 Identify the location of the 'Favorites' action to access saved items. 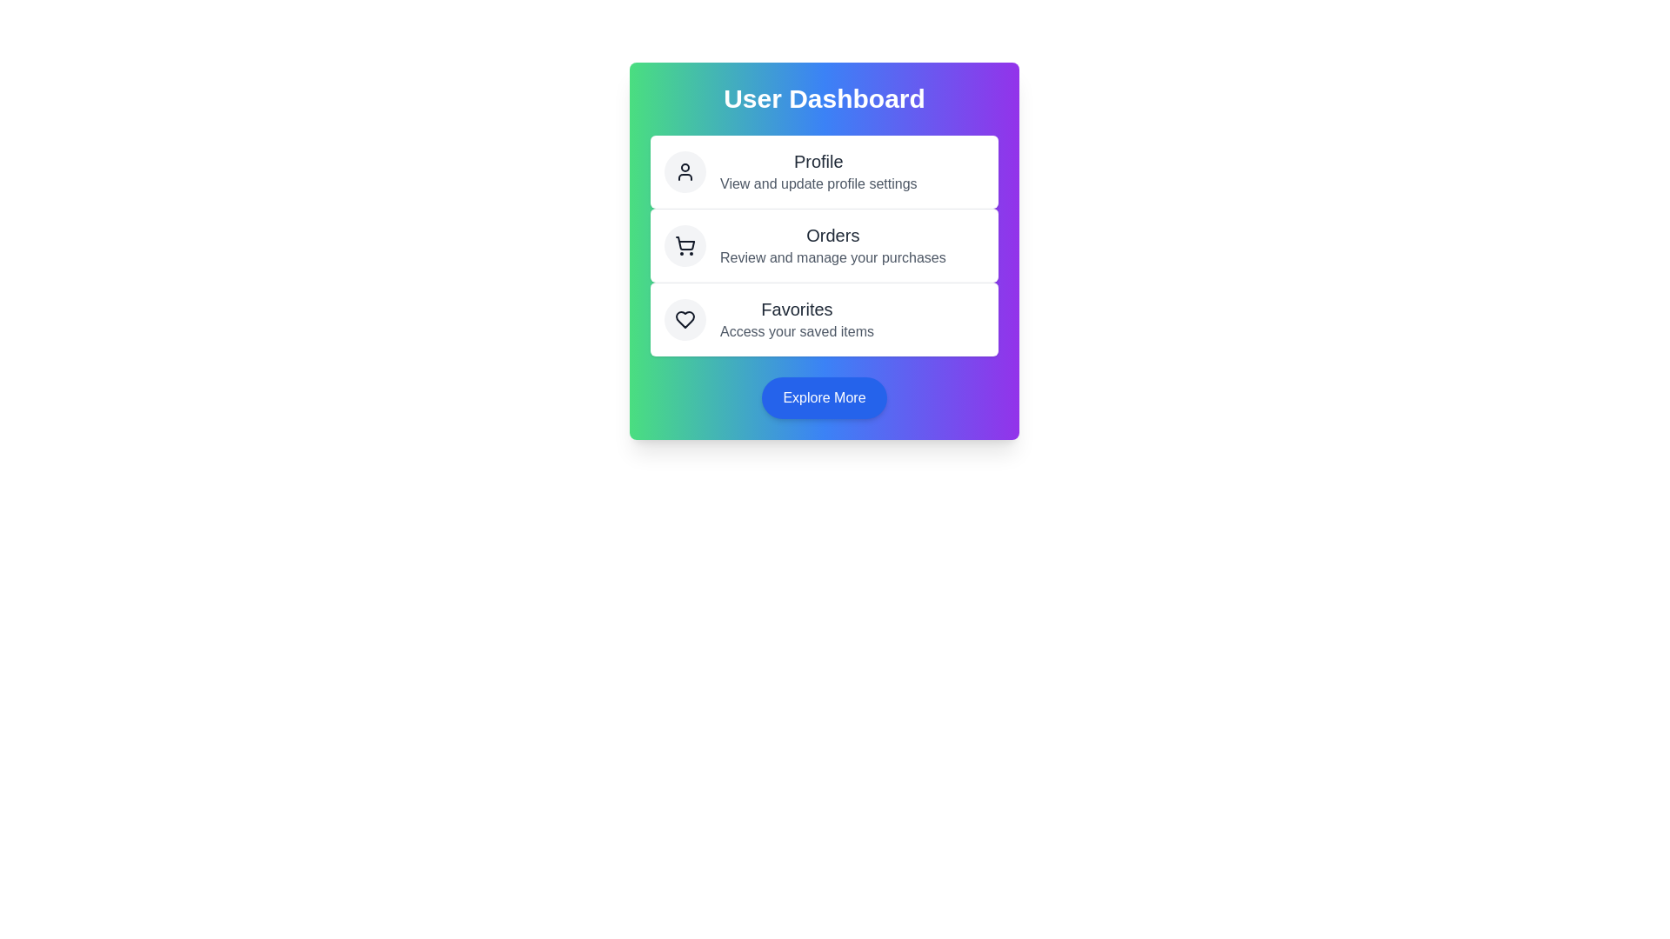
(824, 319).